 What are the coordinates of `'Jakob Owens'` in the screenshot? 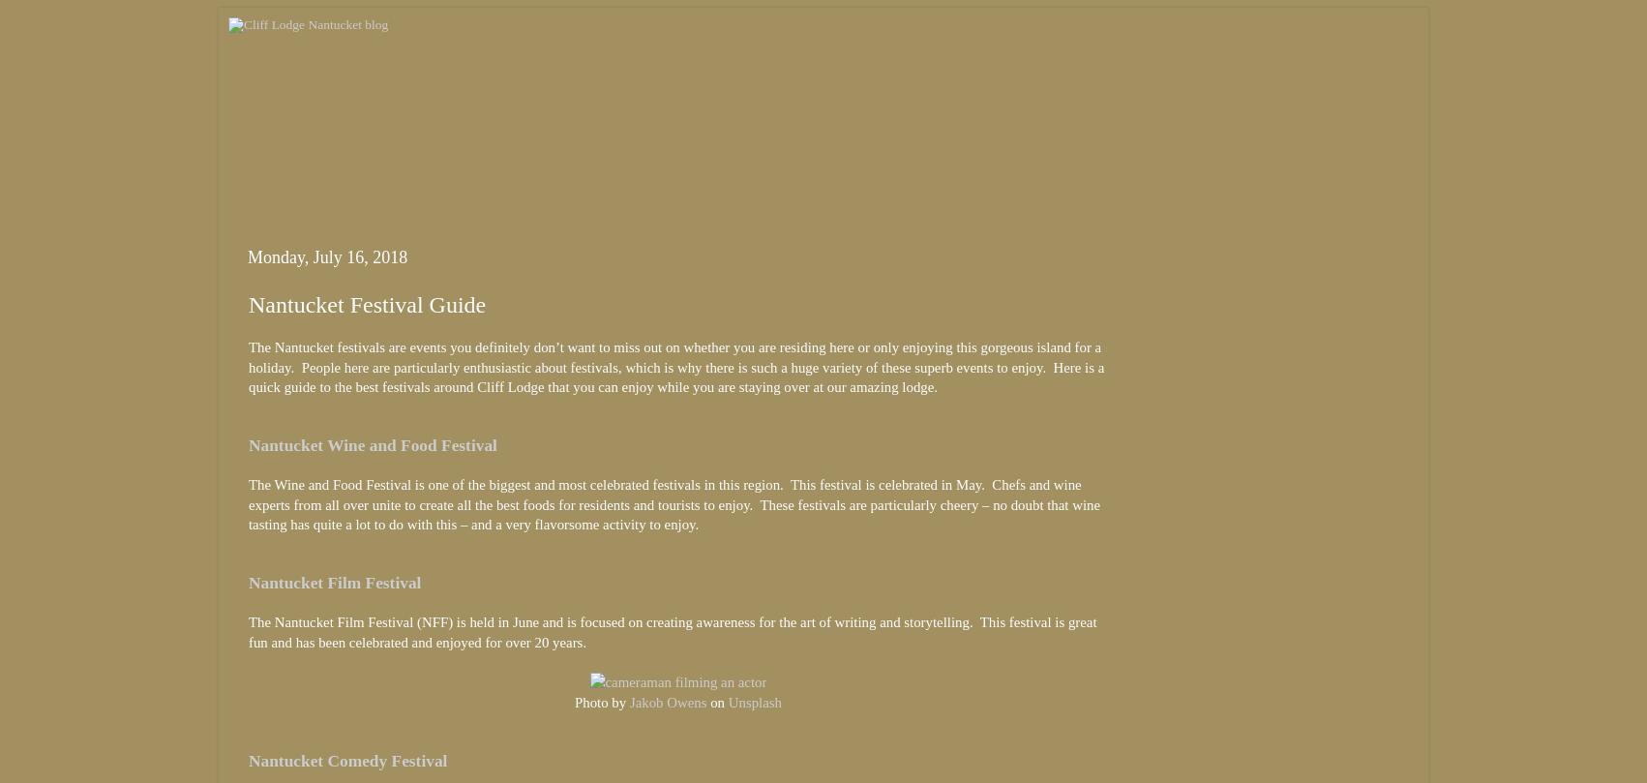 It's located at (667, 701).